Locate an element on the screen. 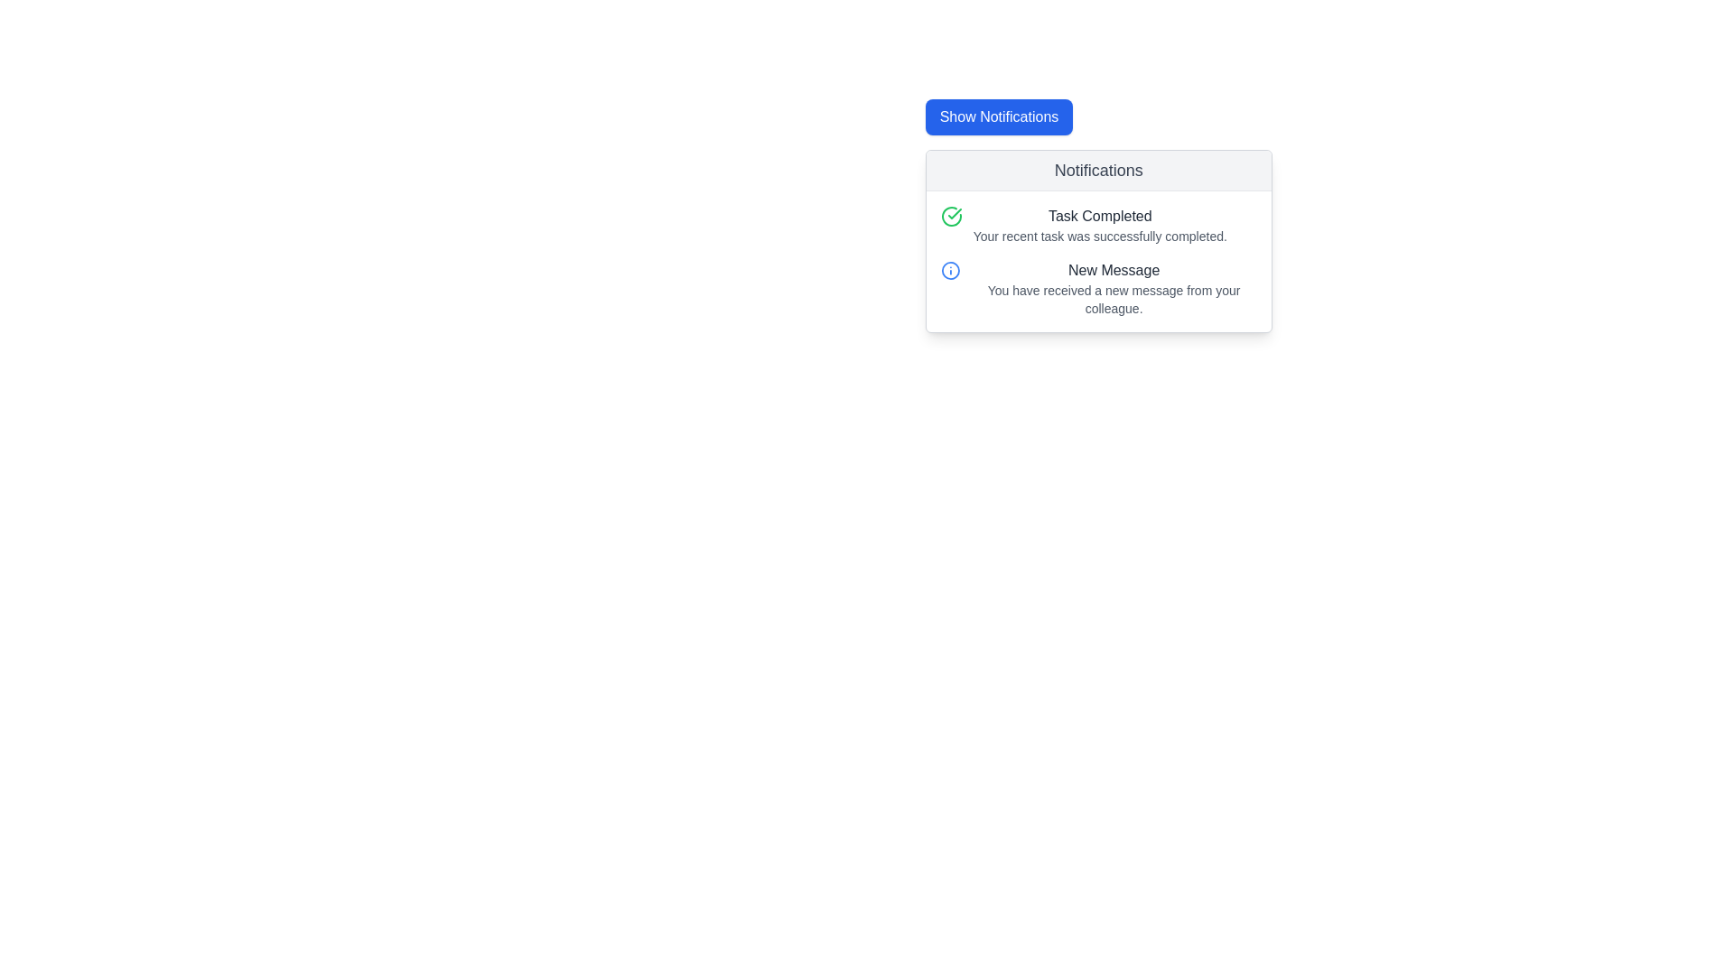 This screenshot has height=975, width=1734. the circular green checkmark icon representing successful completion in the 'Task Completed' section of the notifications card is located at coordinates (950, 215).